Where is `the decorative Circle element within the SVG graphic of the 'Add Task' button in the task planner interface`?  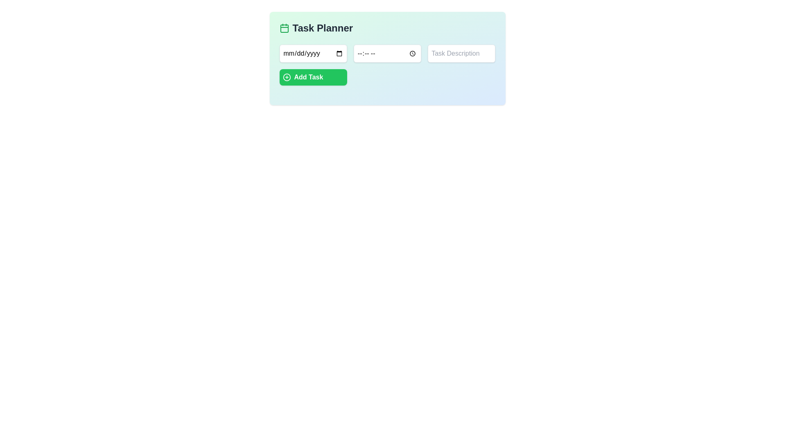
the decorative Circle element within the SVG graphic of the 'Add Task' button in the task planner interface is located at coordinates (287, 77).